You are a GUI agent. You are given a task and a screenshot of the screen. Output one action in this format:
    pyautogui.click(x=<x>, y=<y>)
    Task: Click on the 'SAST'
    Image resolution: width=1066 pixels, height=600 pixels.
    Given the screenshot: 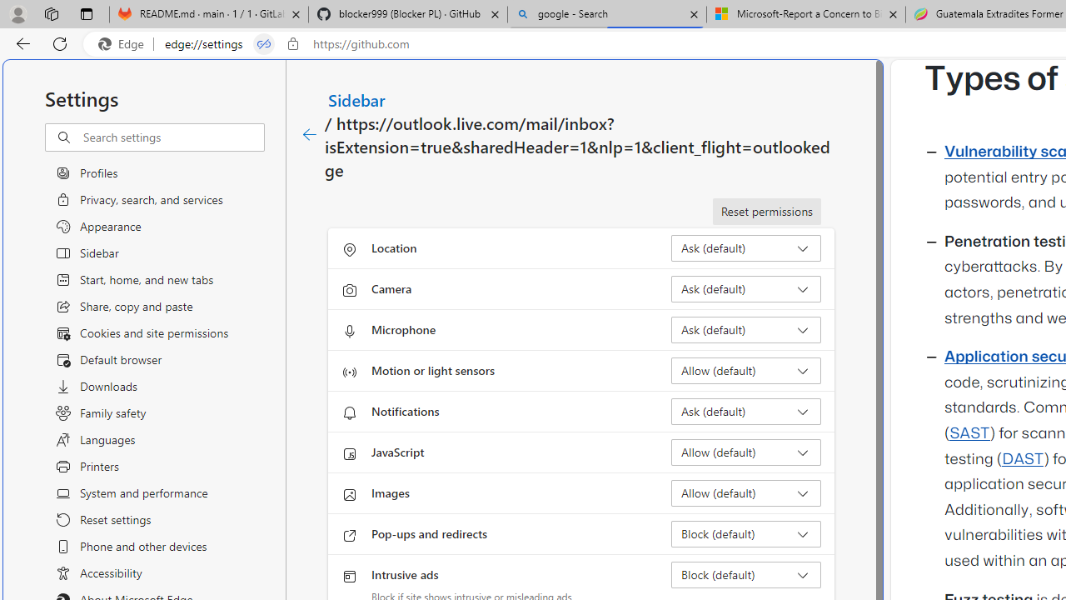 What is the action you would take?
    pyautogui.click(x=969, y=432)
    